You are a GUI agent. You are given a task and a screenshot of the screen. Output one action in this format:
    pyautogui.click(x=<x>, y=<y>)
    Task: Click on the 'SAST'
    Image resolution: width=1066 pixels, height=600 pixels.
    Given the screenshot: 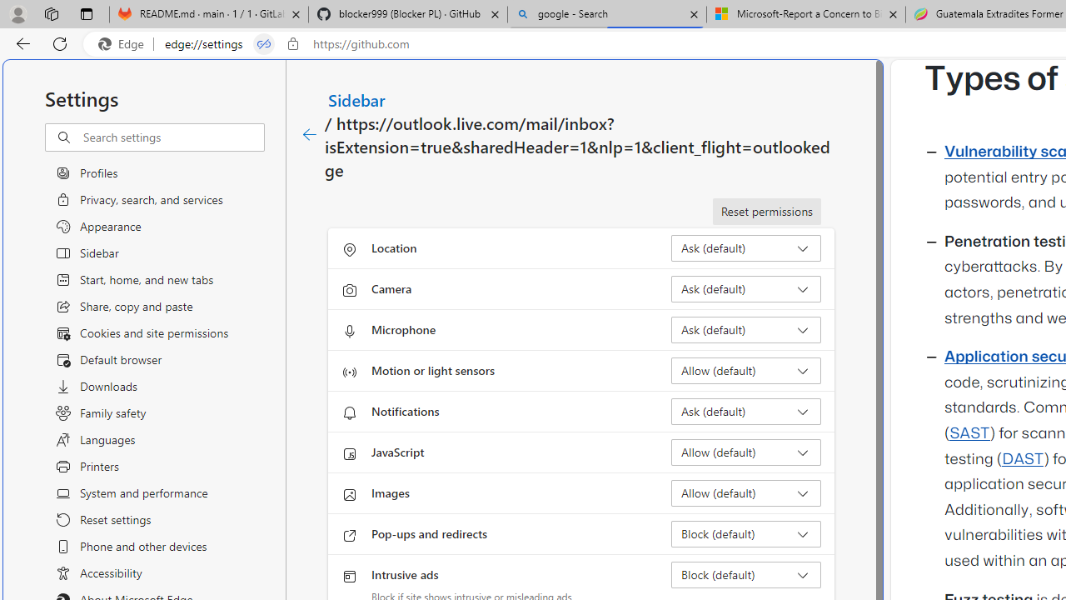 What is the action you would take?
    pyautogui.click(x=969, y=432)
    